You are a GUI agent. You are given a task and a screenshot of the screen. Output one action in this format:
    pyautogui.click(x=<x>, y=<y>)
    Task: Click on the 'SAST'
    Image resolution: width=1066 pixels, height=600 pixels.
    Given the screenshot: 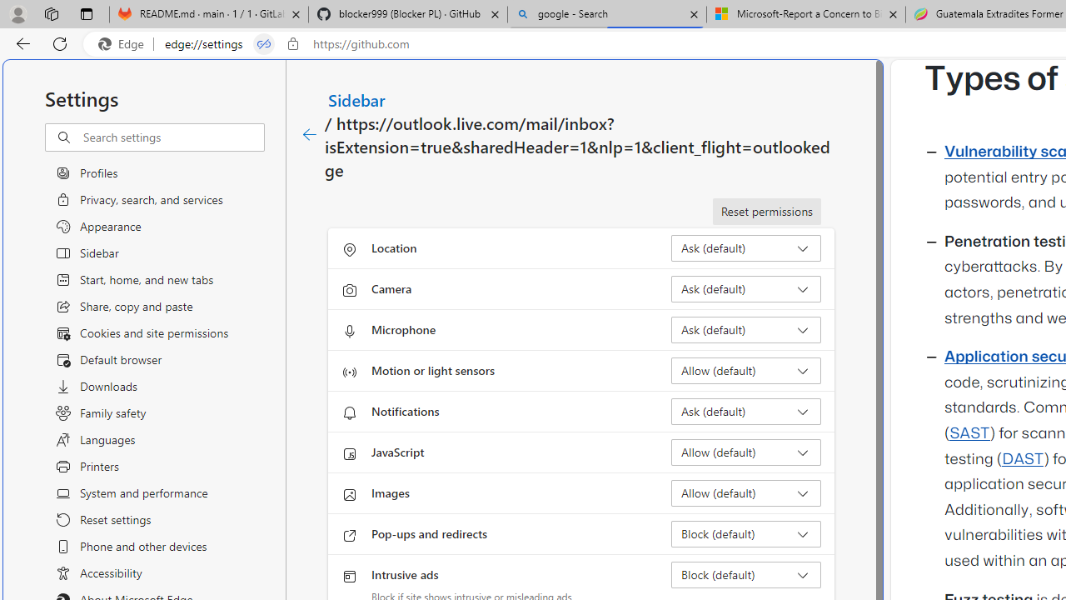 What is the action you would take?
    pyautogui.click(x=969, y=432)
    